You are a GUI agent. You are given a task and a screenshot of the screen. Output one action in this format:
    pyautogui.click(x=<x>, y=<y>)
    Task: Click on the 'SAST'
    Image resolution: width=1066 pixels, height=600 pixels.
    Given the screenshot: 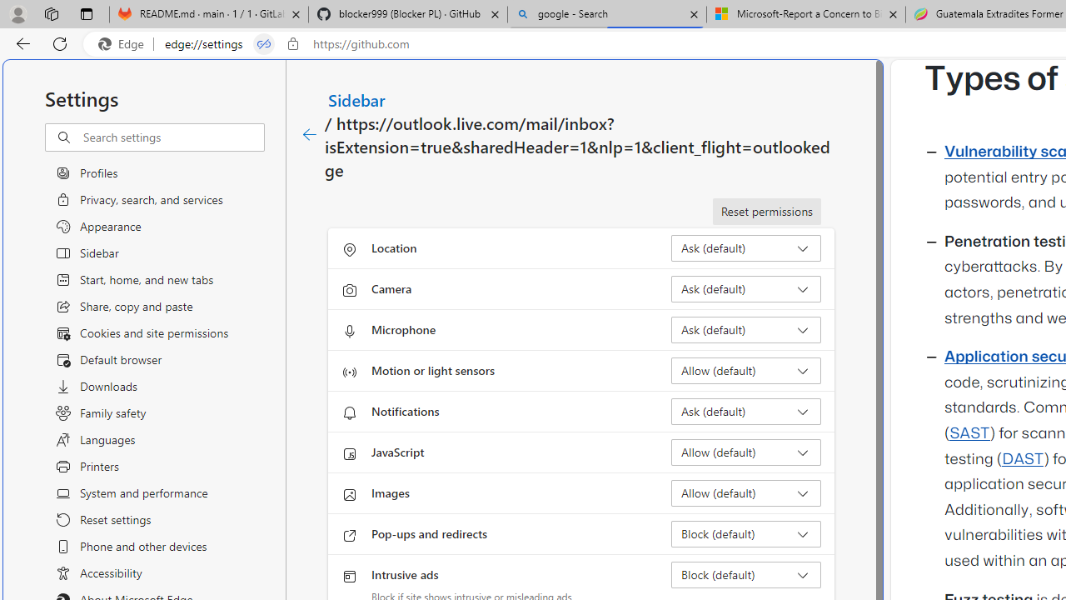 What is the action you would take?
    pyautogui.click(x=969, y=432)
    